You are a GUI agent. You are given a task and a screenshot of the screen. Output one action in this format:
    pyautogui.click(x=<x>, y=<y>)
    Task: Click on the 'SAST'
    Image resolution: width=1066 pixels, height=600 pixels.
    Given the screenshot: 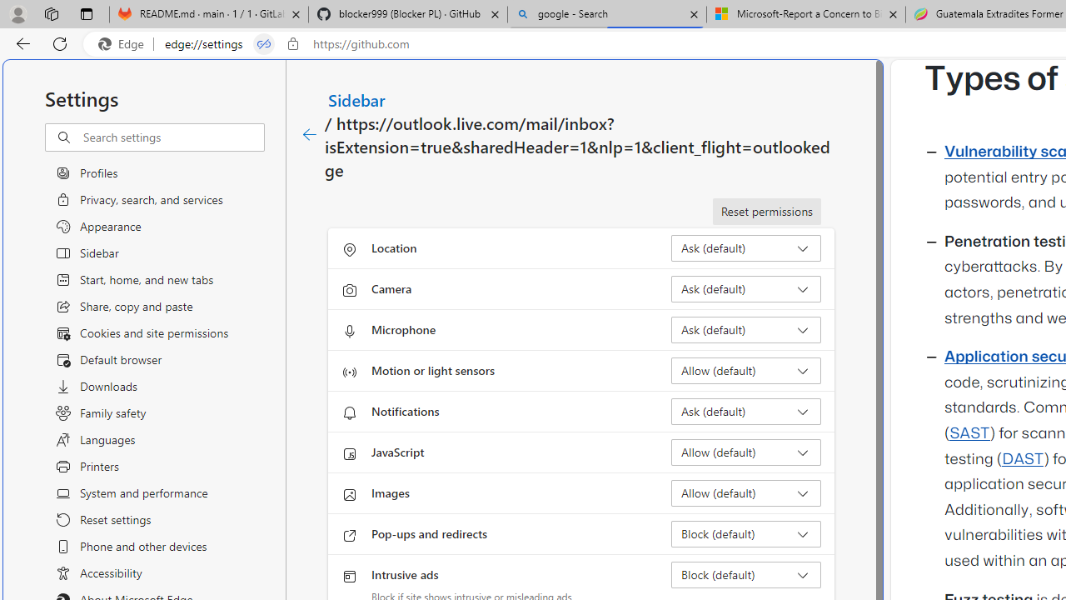 What is the action you would take?
    pyautogui.click(x=969, y=432)
    